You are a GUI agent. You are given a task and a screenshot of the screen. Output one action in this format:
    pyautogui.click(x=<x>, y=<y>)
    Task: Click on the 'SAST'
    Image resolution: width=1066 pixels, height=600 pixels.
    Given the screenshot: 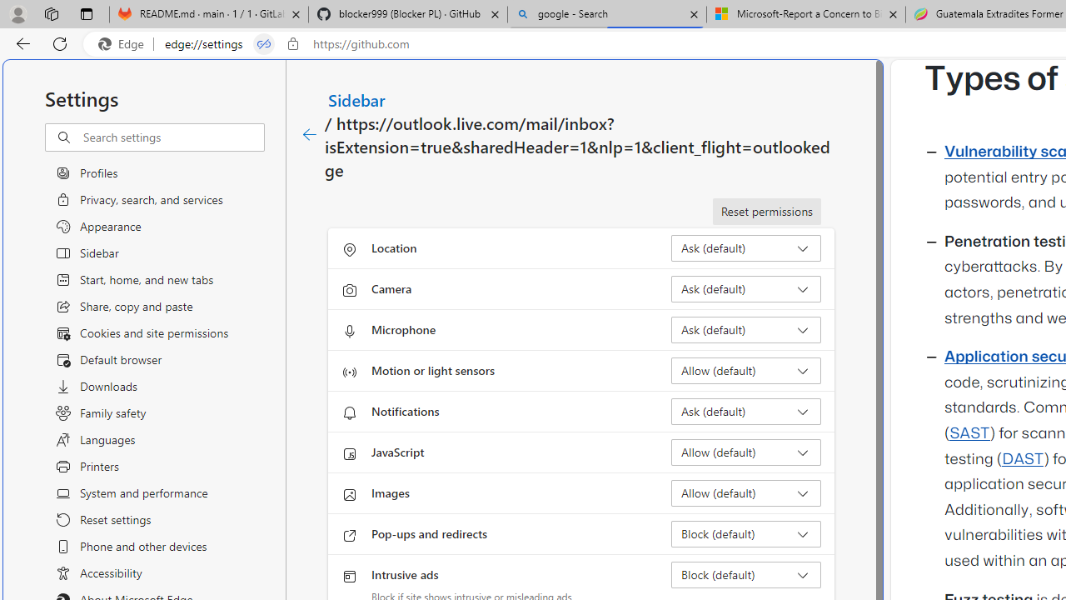 What is the action you would take?
    pyautogui.click(x=969, y=432)
    